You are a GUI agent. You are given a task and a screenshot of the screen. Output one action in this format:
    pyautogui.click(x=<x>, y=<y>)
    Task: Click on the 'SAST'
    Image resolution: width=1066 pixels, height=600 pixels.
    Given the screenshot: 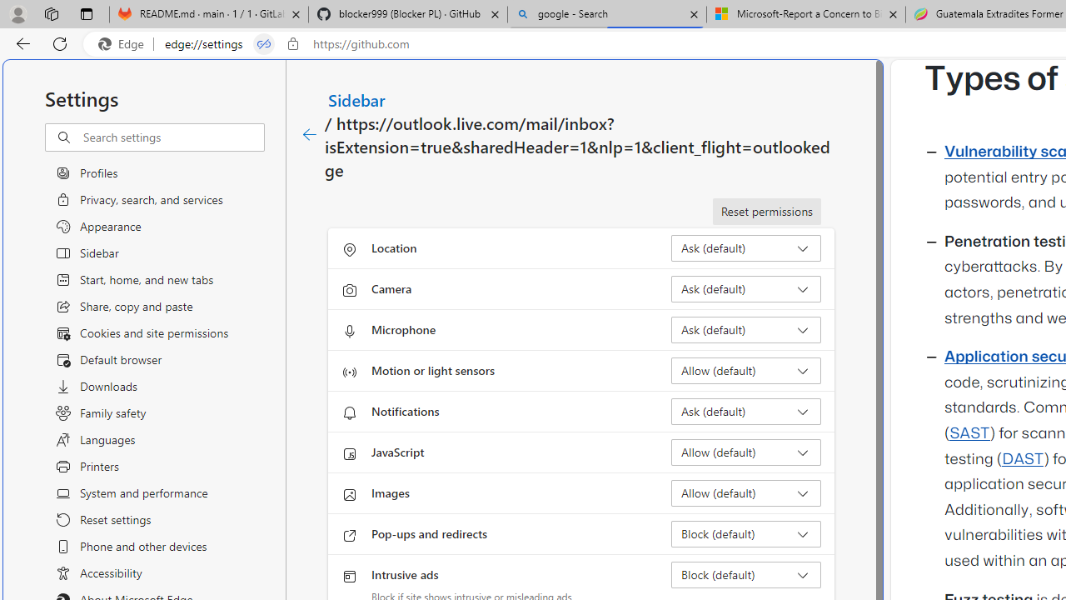 What is the action you would take?
    pyautogui.click(x=969, y=432)
    